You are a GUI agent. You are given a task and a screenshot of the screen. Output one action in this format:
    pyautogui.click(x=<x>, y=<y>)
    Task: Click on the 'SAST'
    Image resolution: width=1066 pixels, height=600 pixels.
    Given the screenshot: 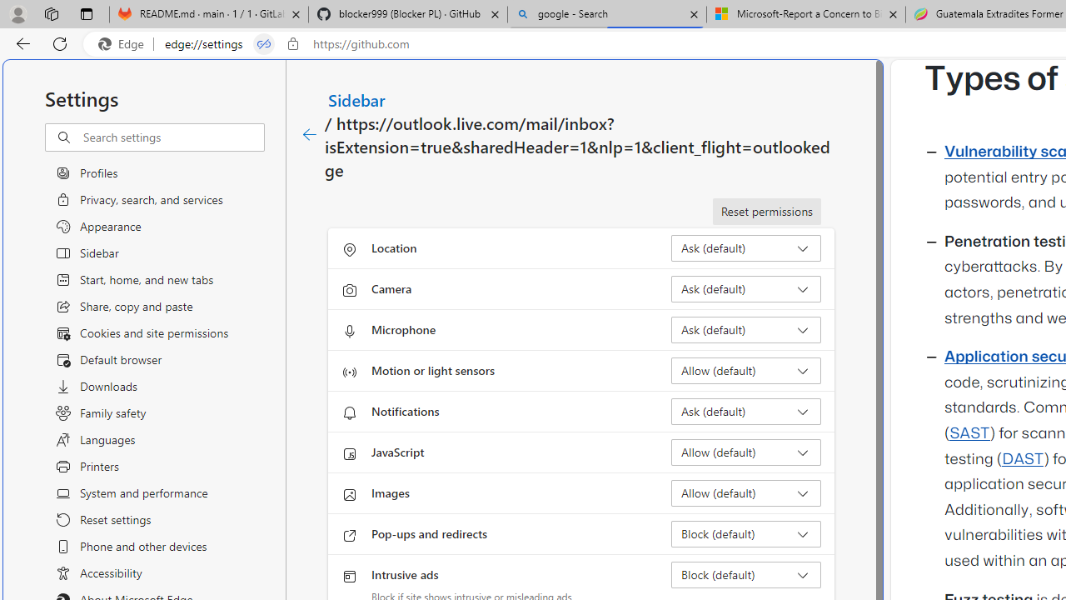 What is the action you would take?
    pyautogui.click(x=969, y=432)
    